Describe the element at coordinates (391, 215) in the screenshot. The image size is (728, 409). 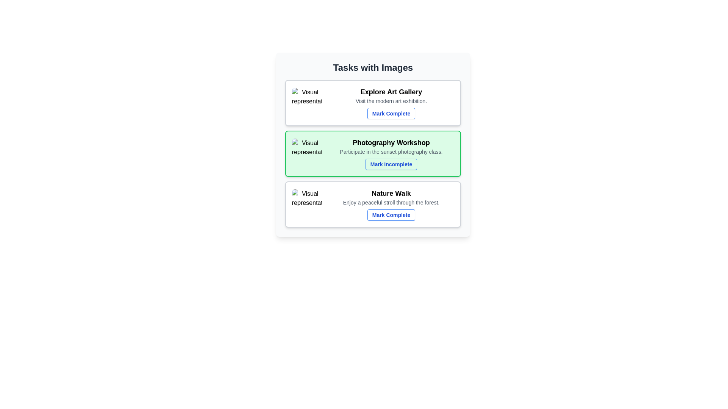
I see `the 'Nature Walk' button to toggle its completion status` at that location.